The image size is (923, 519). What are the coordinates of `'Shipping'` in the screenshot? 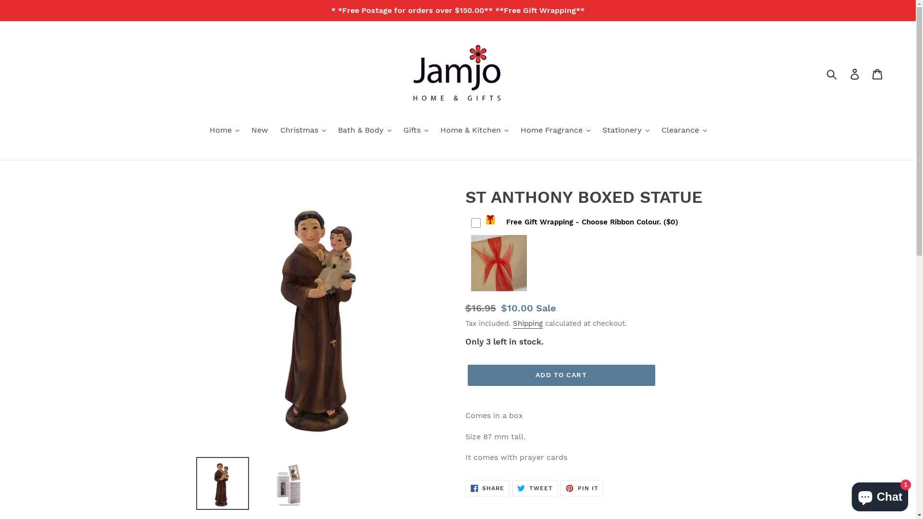 It's located at (511, 324).